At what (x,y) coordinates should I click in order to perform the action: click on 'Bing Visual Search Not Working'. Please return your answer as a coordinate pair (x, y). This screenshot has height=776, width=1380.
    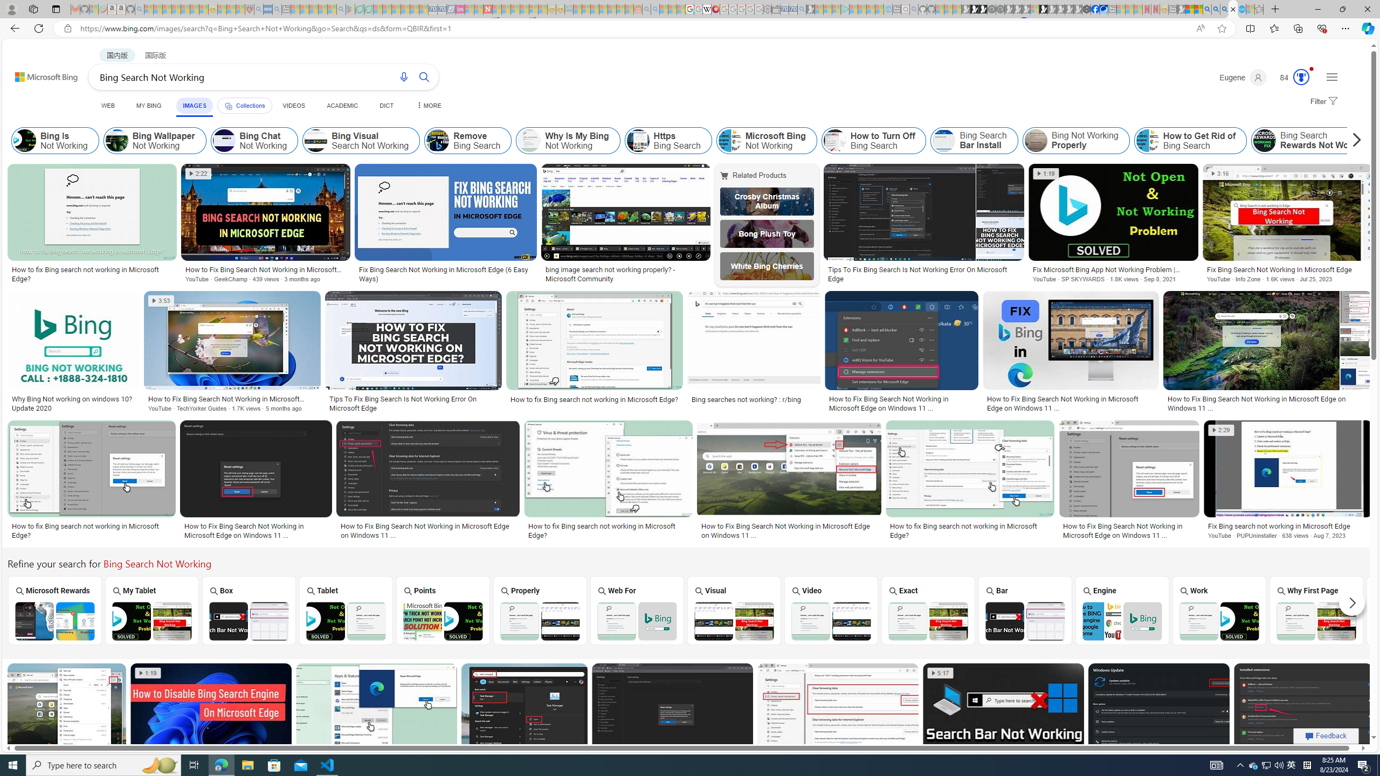
    Looking at the image, I should click on (361, 140).